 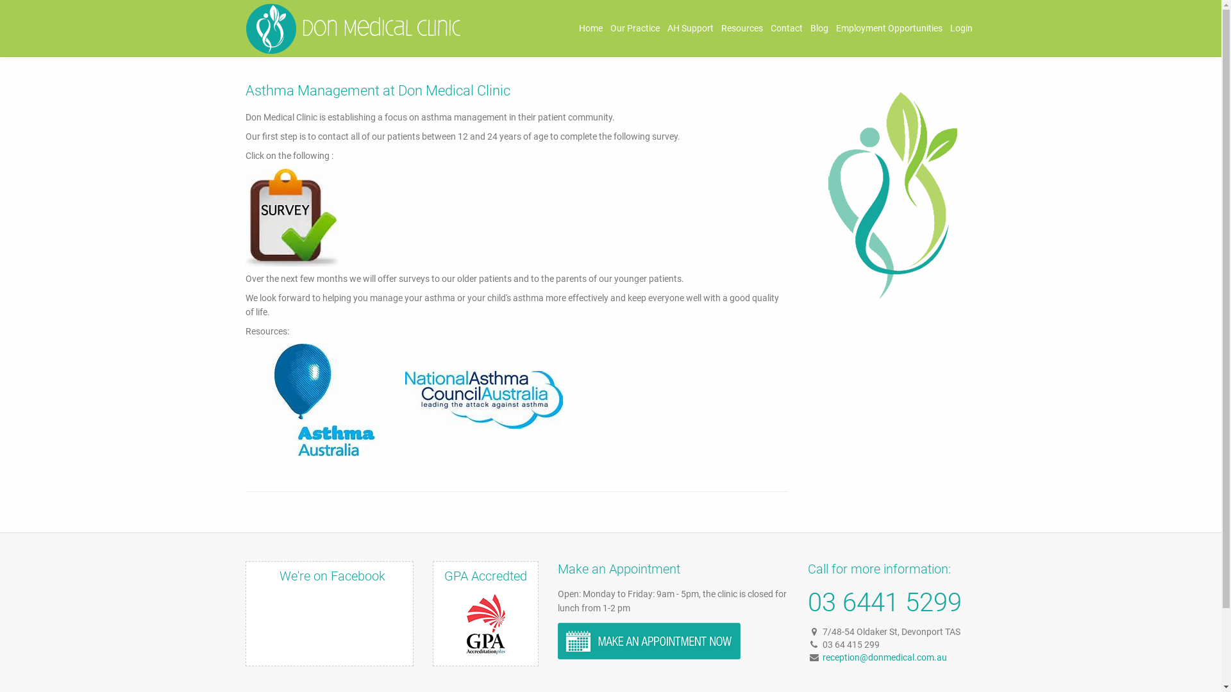 What do you see at coordinates (961, 28) in the screenshot?
I see `'Login'` at bounding box center [961, 28].